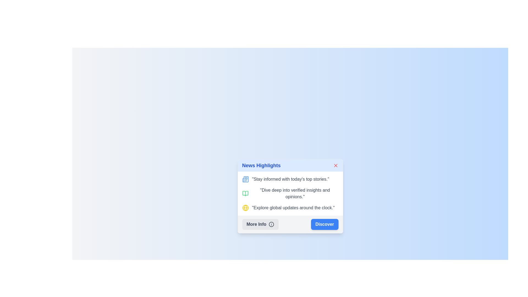 This screenshot has width=528, height=297. Describe the element at coordinates (335, 165) in the screenshot. I see `the close icon located at the upper-right corner of the 'News Highlights' card` at that location.